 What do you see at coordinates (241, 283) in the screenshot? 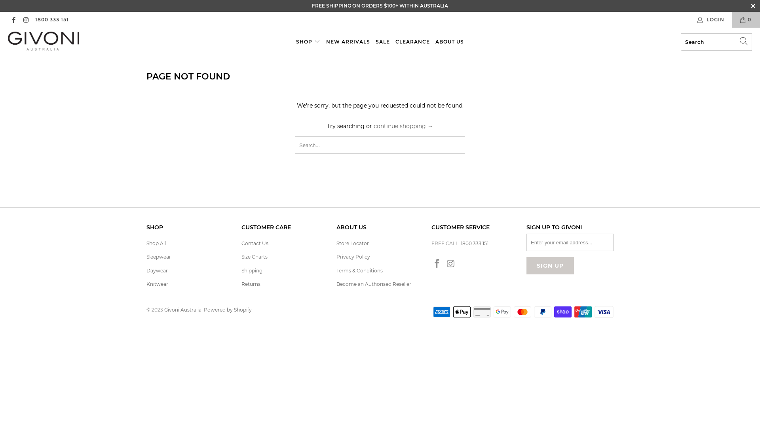
I see `'Returns'` at bounding box center [241, 283].